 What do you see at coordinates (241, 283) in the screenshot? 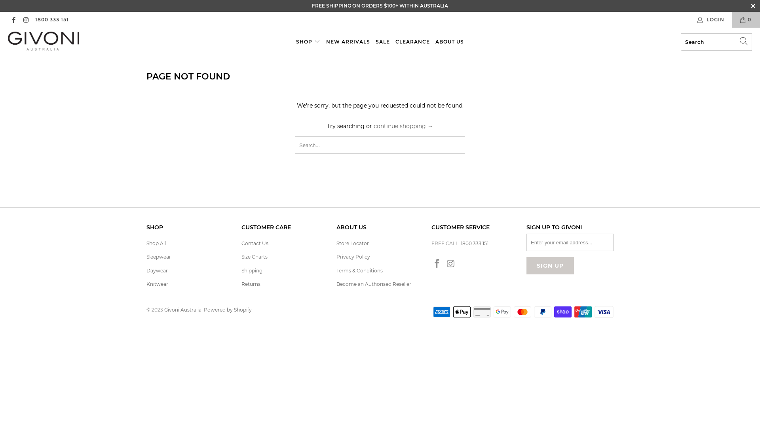
I see `'Returns'` at bounding box center [241, 283].